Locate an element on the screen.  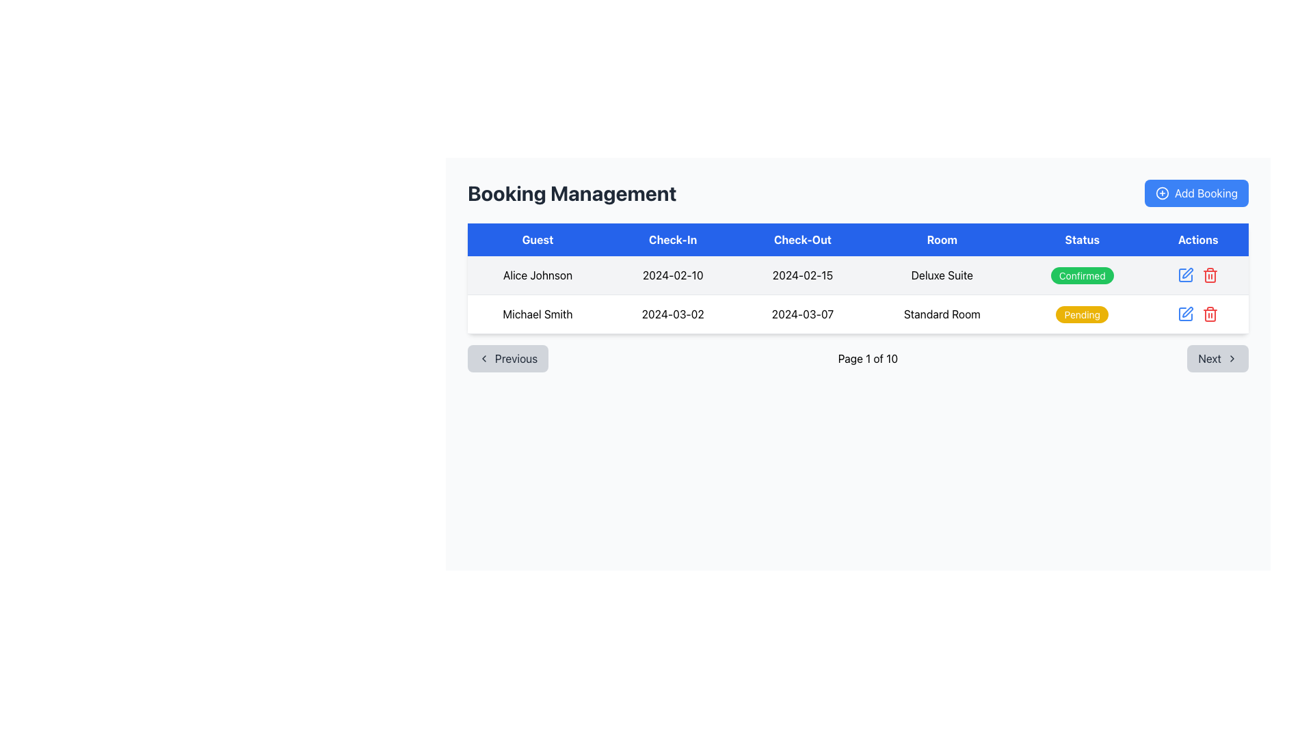
the edit button located is located at coordinates (1184, 275).